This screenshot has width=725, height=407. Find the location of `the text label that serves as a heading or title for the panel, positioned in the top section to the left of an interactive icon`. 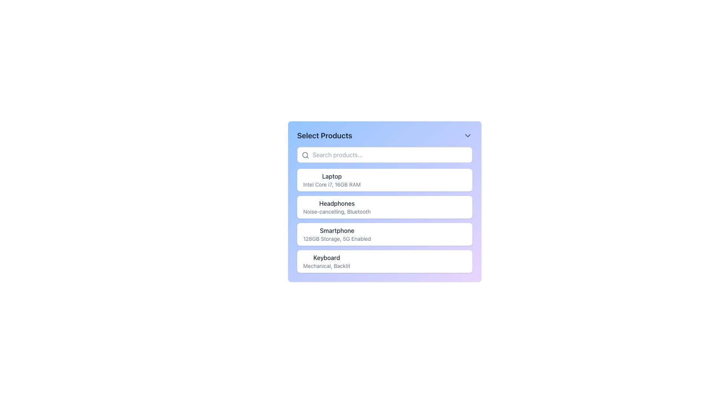

the text label that serves as a heading or title for the panel, positioned in the top section to the left of an interactive icon is located at coordinates (324, 135).